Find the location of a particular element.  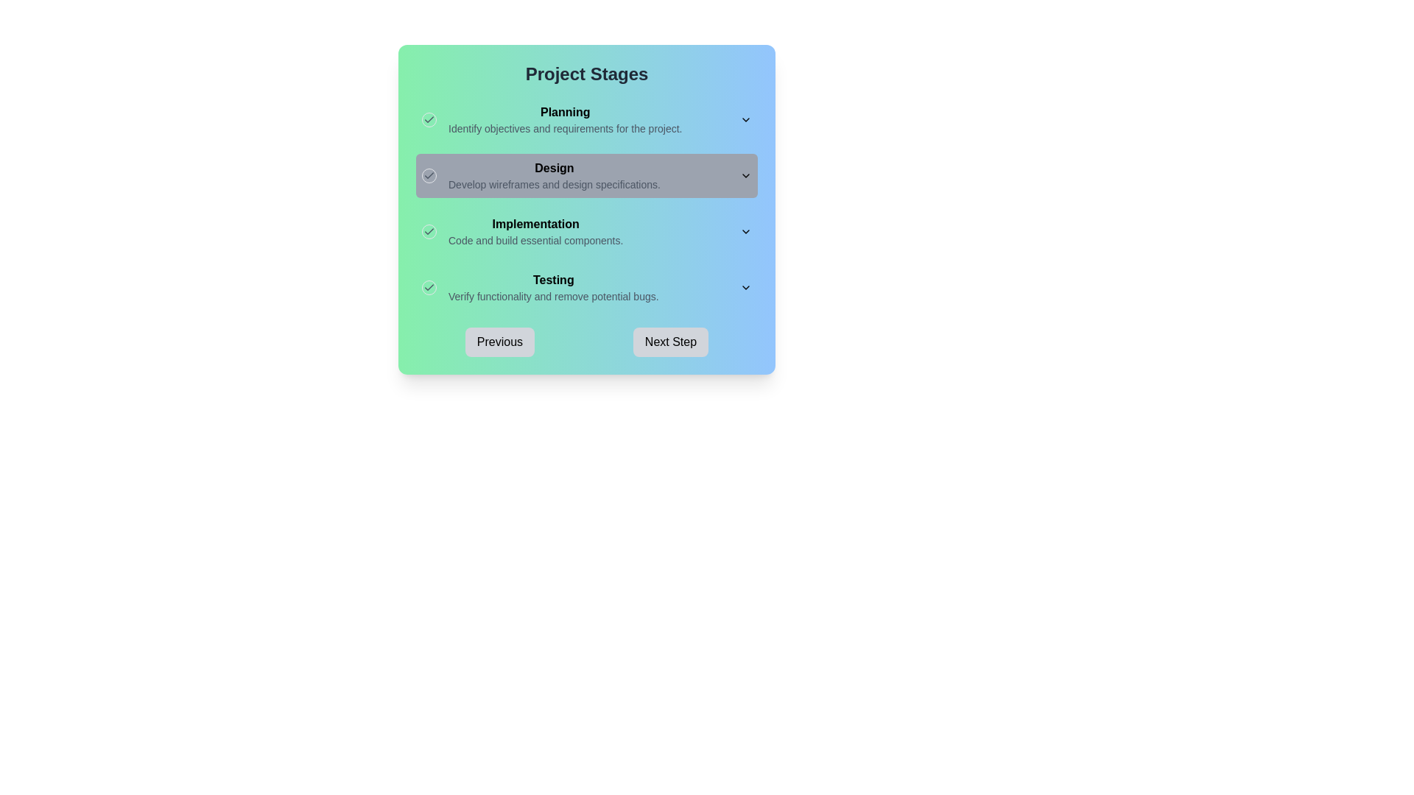

the 'Previous Step' button located at the lower left section of the interface is located at coordinates (499, 342).